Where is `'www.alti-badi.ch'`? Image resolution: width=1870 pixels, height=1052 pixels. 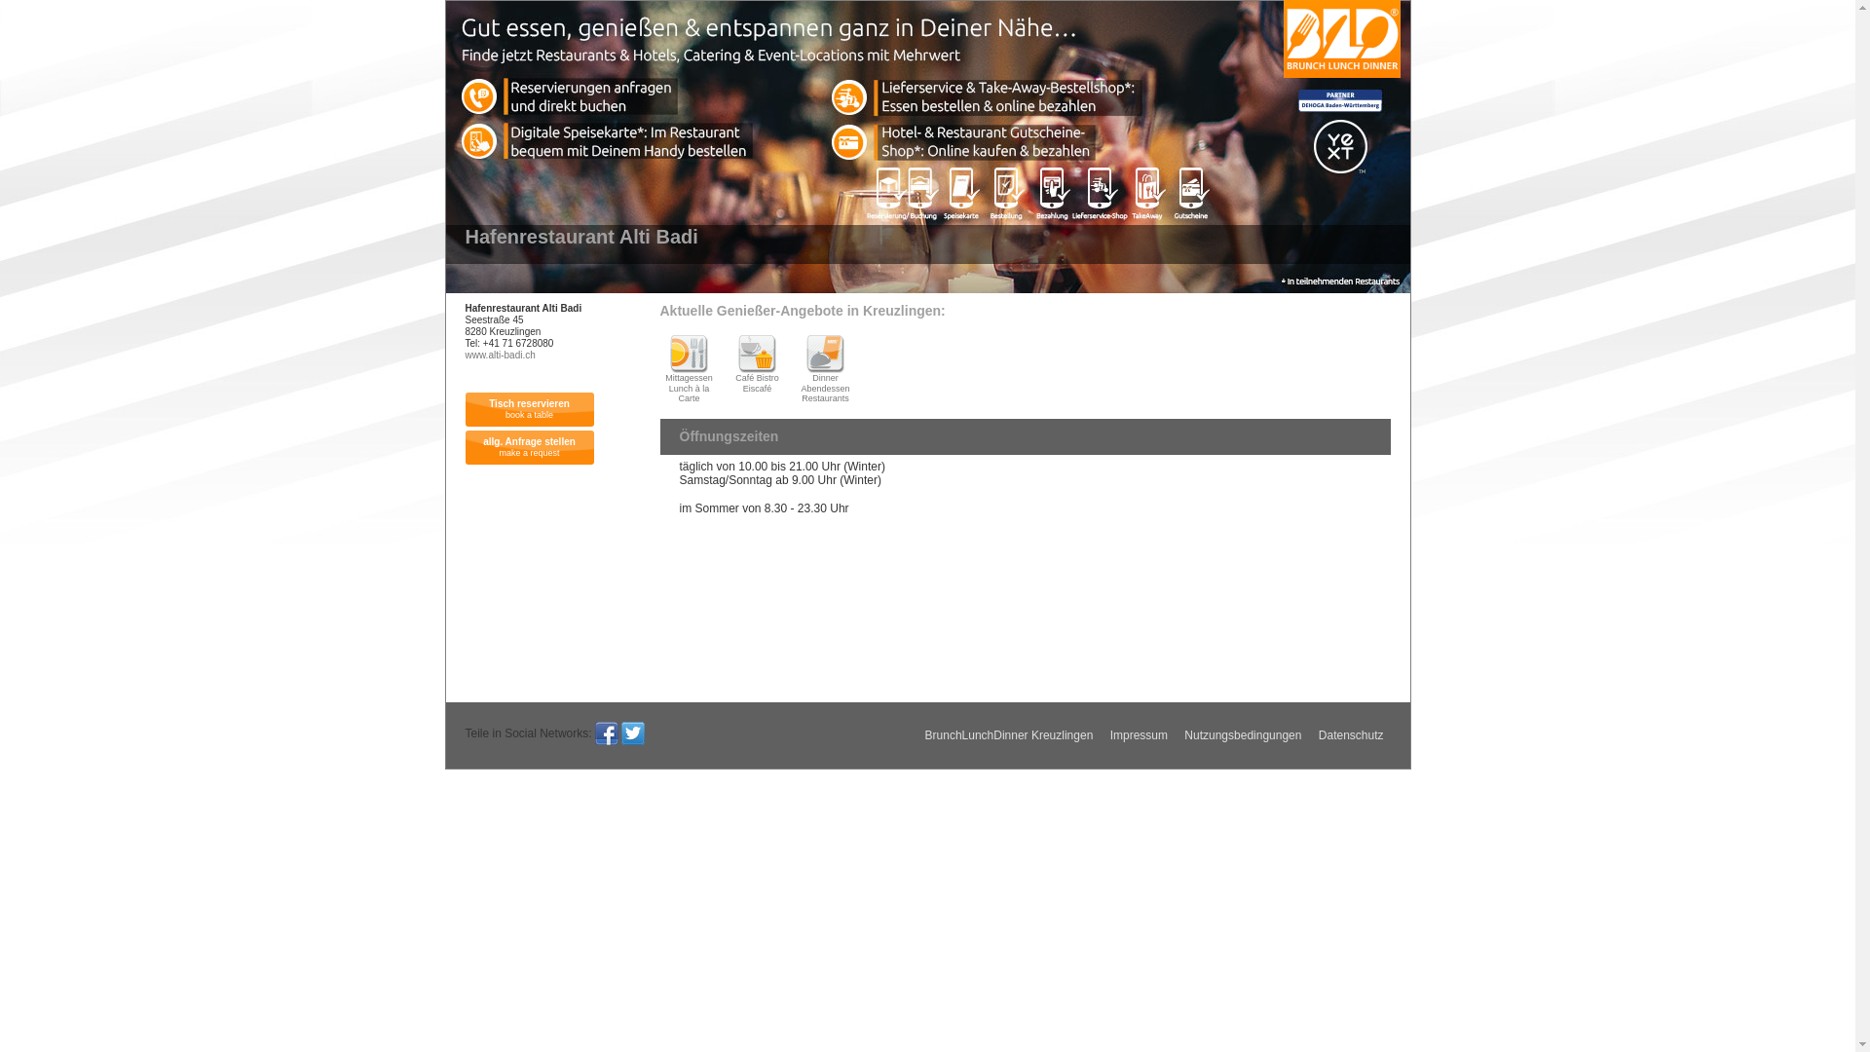 'www.alti-badi.ch' is located at coordinates (500, 355).